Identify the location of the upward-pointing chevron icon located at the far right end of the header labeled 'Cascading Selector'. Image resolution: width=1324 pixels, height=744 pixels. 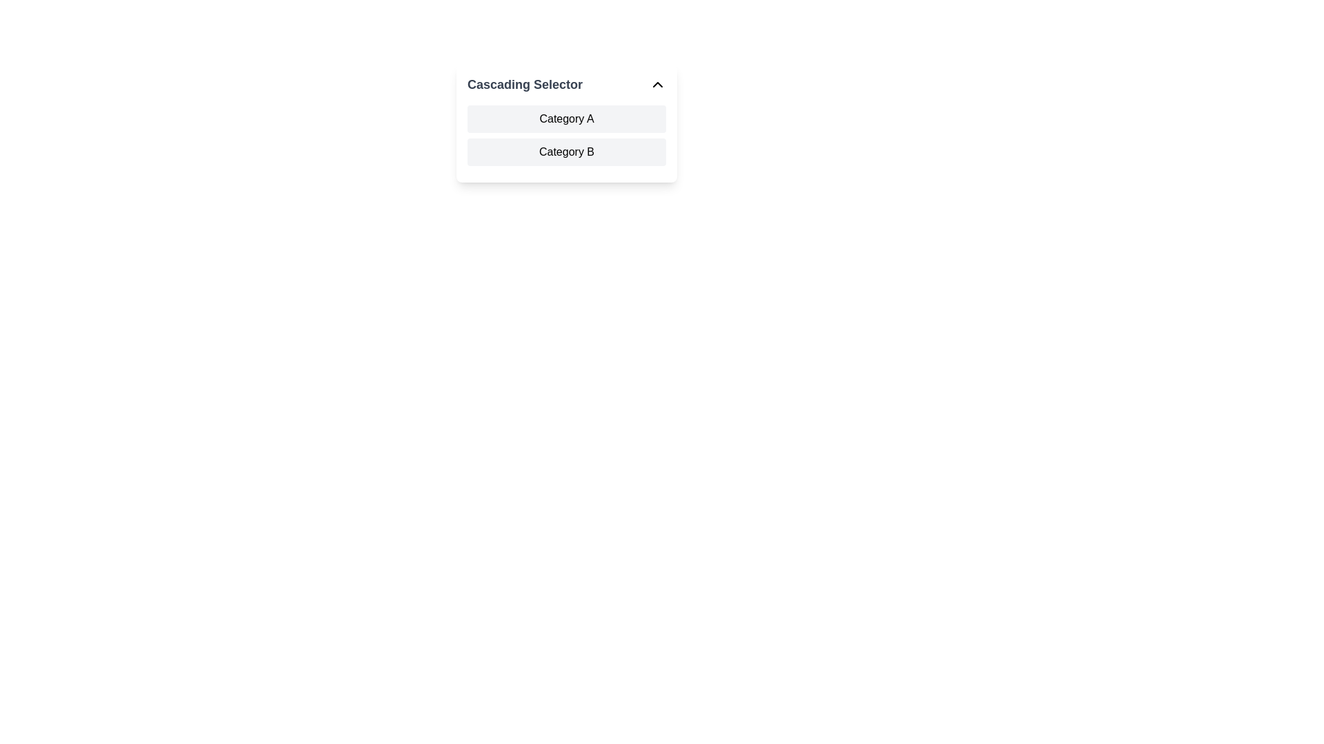
(657, 85).